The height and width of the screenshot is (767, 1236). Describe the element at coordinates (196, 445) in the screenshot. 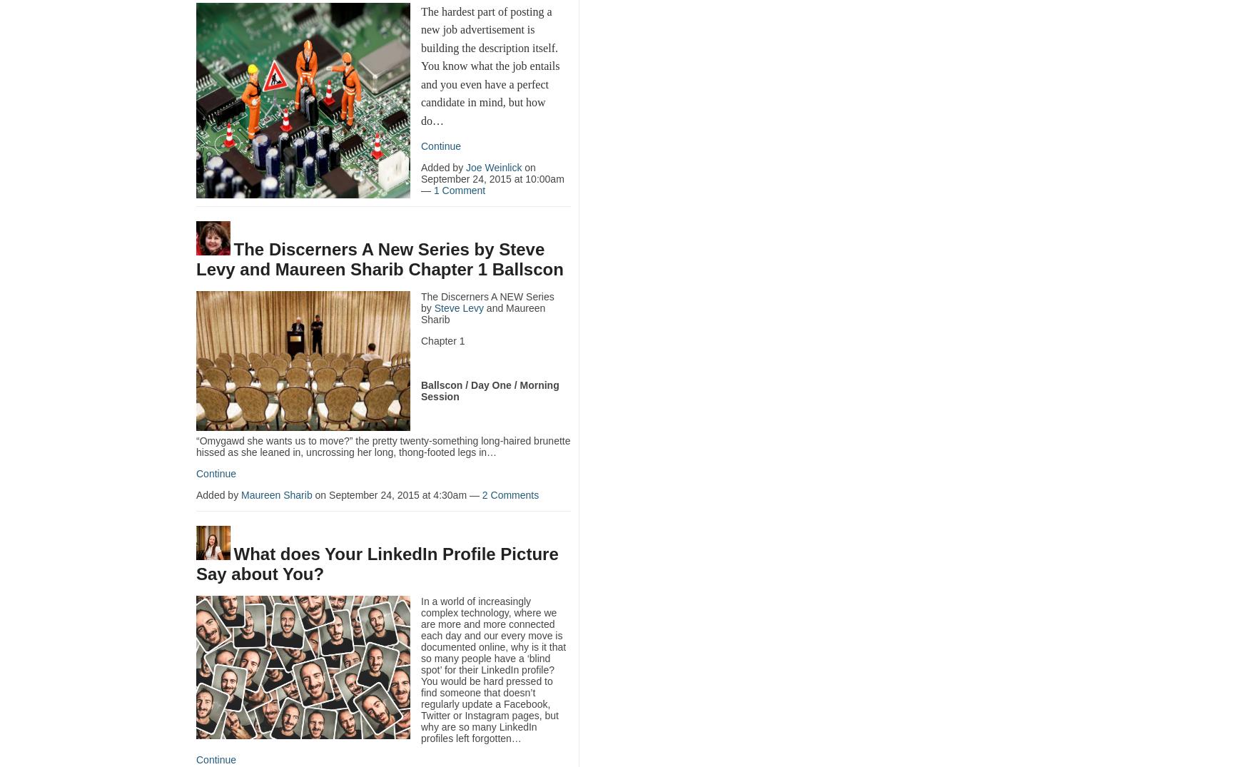

I see `'“Omygawd she wants us to move?” the pretty twenty-something long-haired brunette hissed as she leaned in, uncrossing her long, thong-footed legs in…'` at that location.